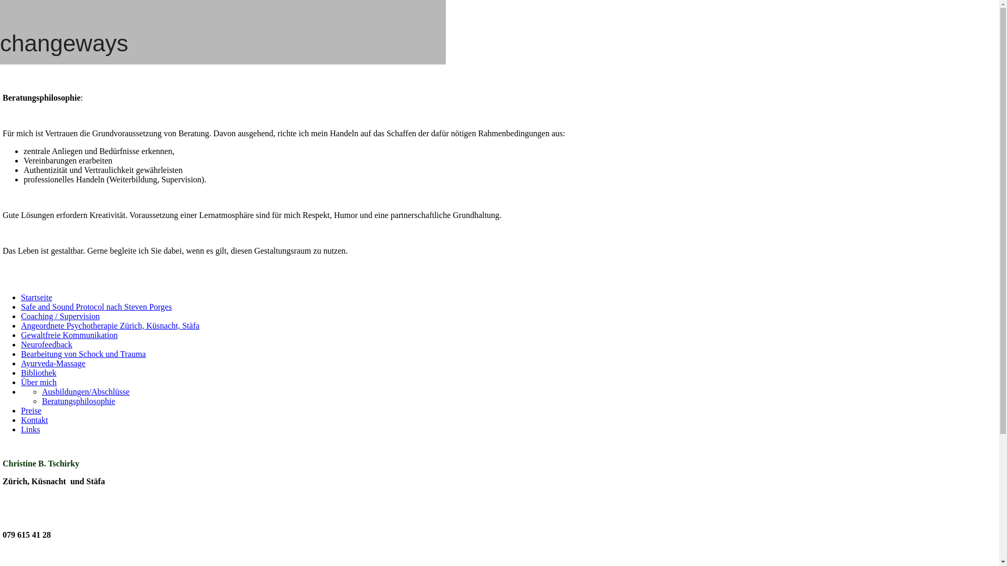 The width and height of the screenshot is (1007, 566). What do you see at coordinates (96, 307) in the screenshot?
I see `'Safe and Sound Protocol nach Steven Porges'` at bounding box center [96, 307].